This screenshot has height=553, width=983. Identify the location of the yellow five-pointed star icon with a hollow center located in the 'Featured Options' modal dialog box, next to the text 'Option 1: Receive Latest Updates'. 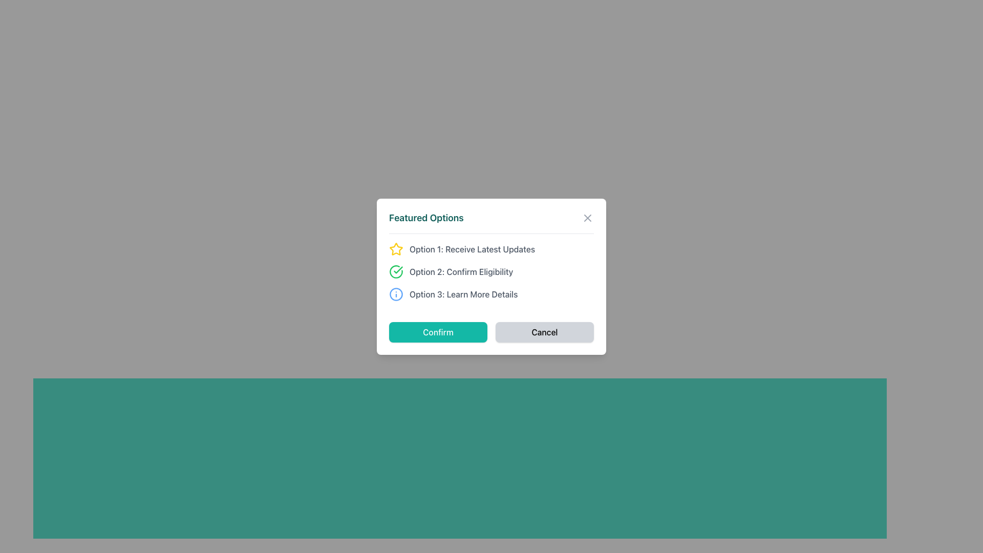
(395, 249).